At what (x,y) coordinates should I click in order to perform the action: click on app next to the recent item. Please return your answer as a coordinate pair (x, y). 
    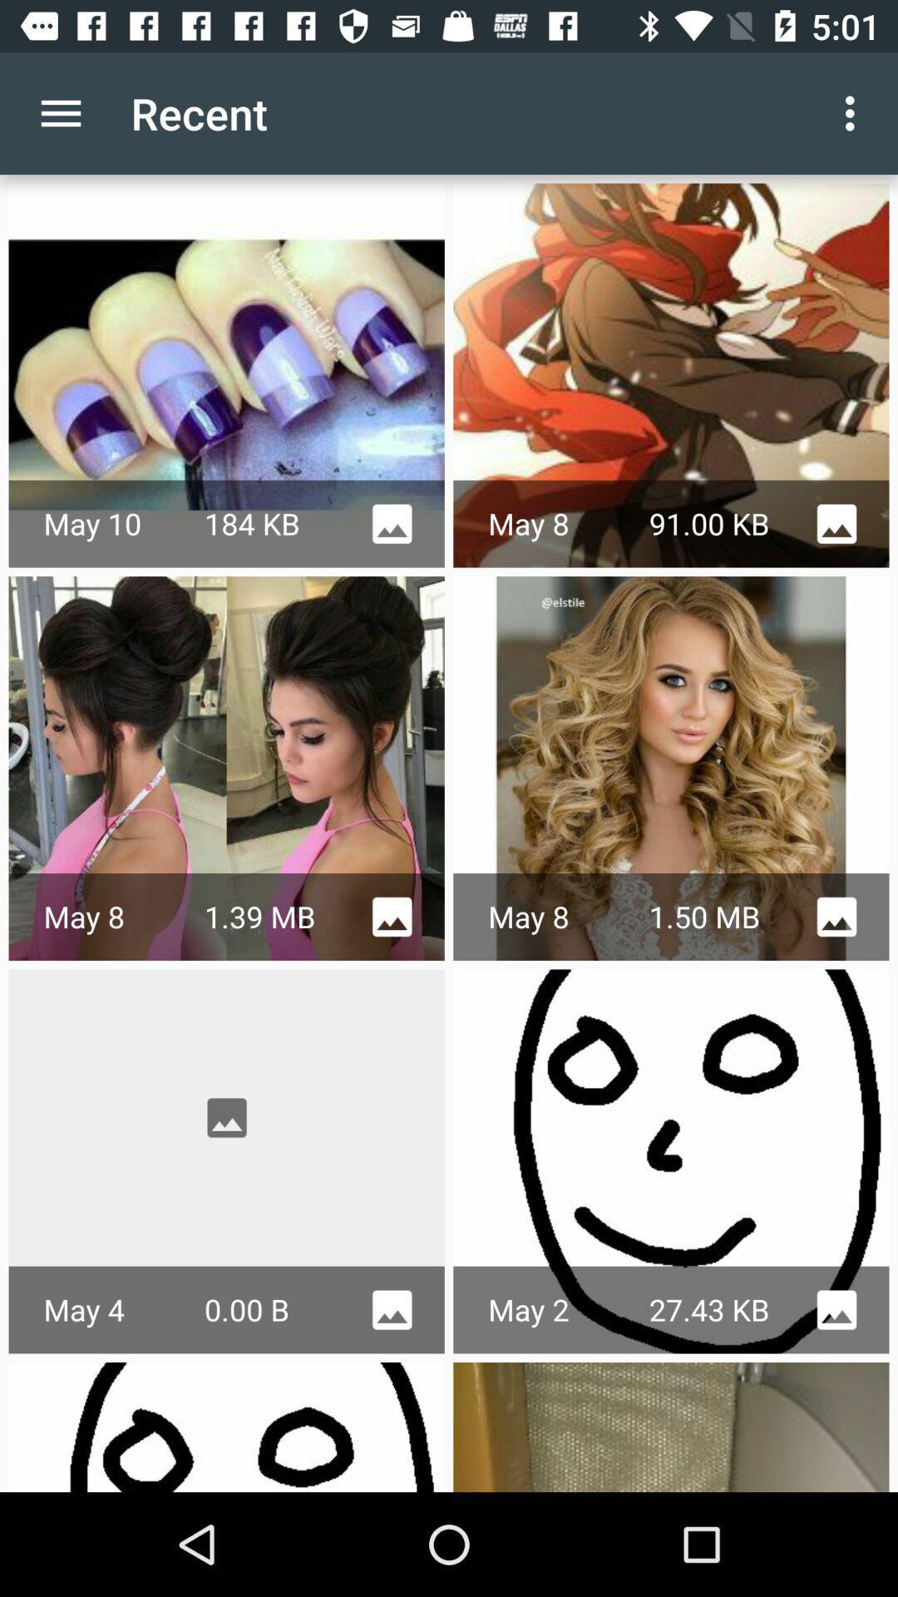
    Looking at the image, I should click on (60, 112).